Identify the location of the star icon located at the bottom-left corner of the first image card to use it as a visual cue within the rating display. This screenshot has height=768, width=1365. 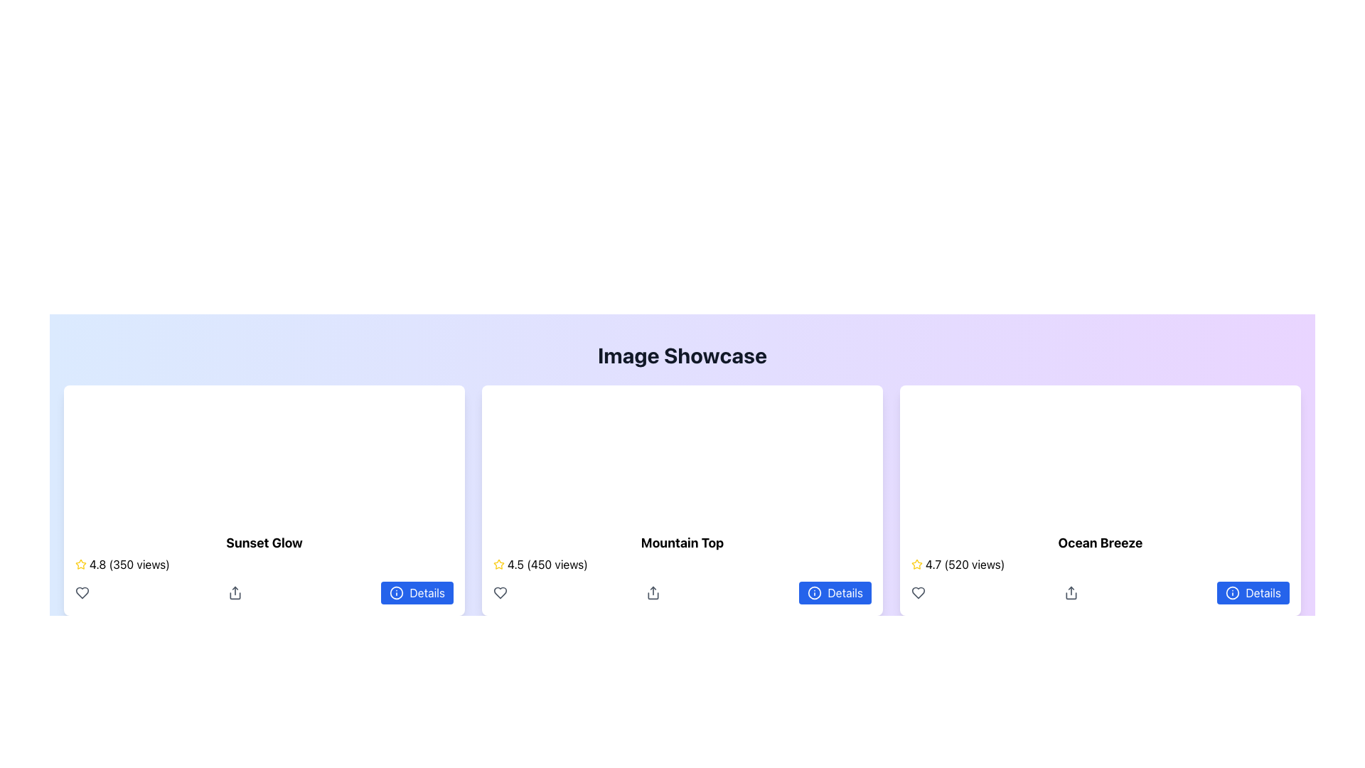
(80, 563).